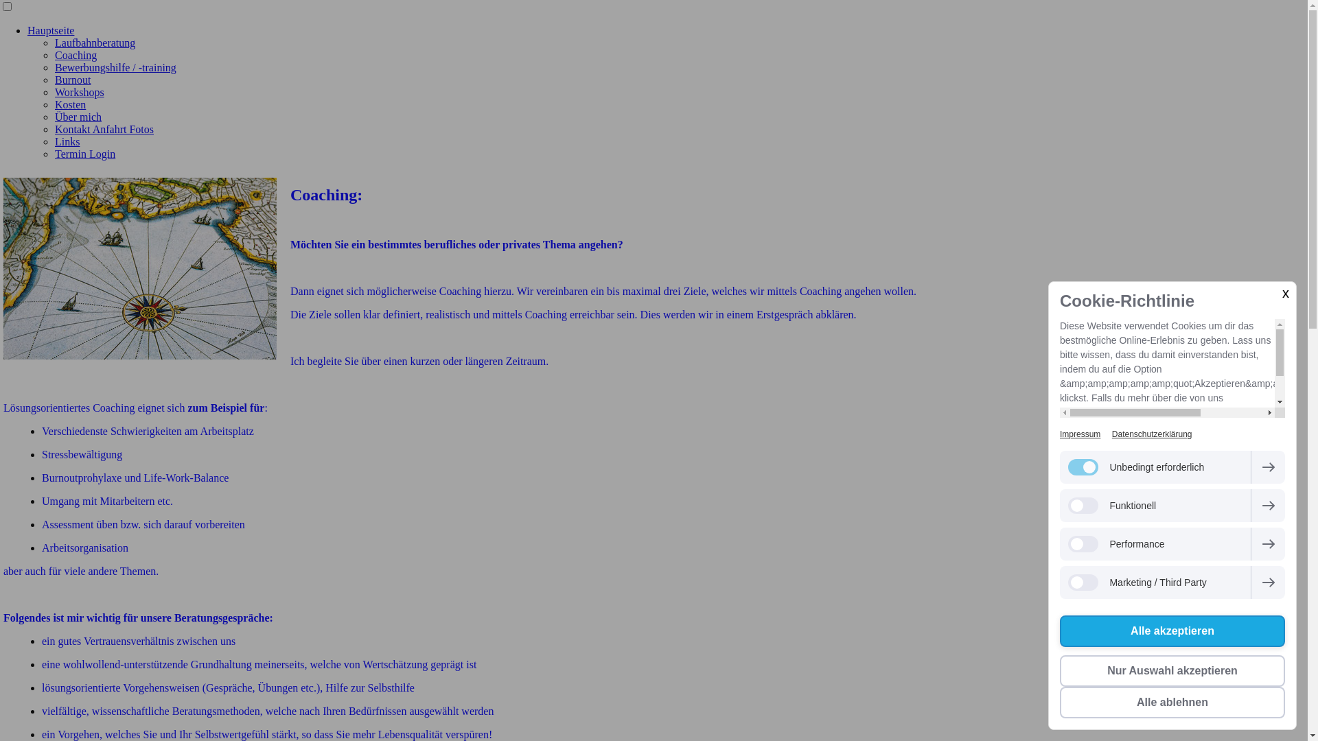  What do you see at coordinates (1172, 670) in the screenshot?
I see `'Nur Auswahl akzeptieren'` at bounding box center [1172, 670].